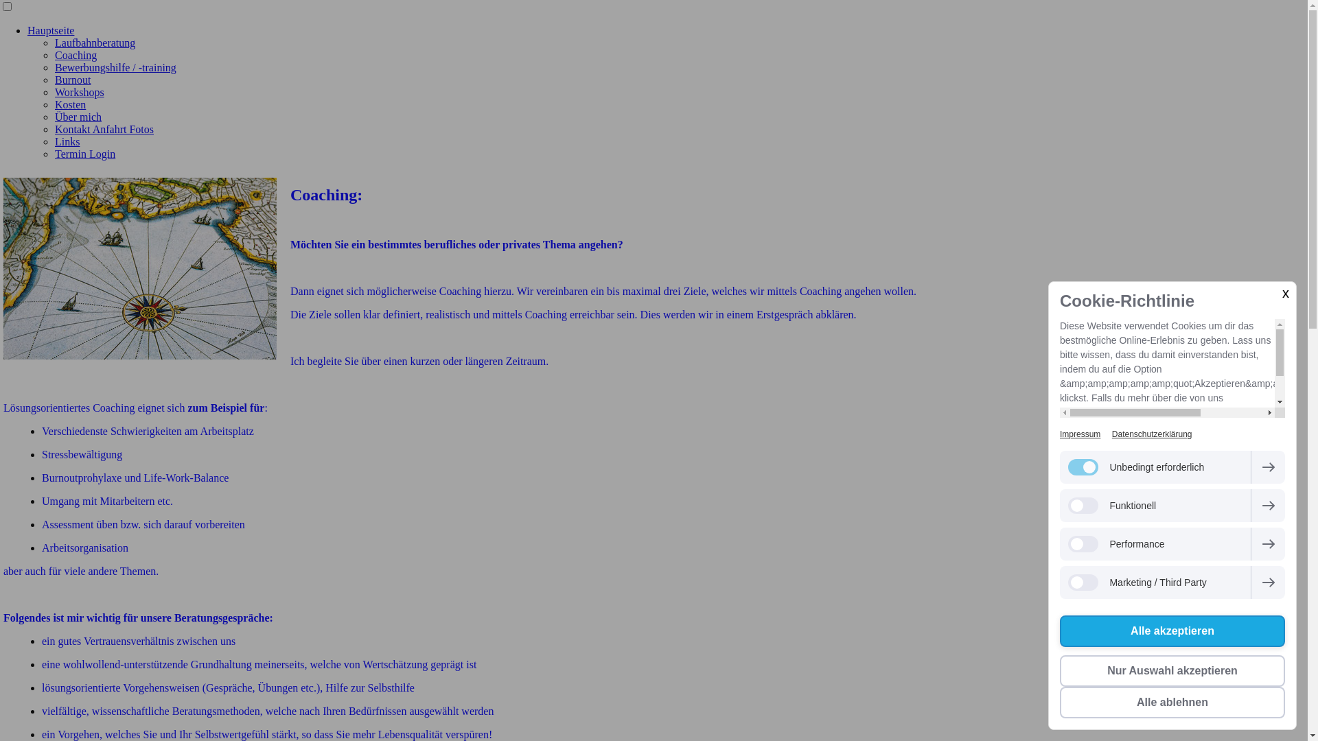  What do you see at coordinates (1172, 670) in the screenshot?
I see `'Nur Auswahl akzeptieren'` at bounding box center [1172, 670].